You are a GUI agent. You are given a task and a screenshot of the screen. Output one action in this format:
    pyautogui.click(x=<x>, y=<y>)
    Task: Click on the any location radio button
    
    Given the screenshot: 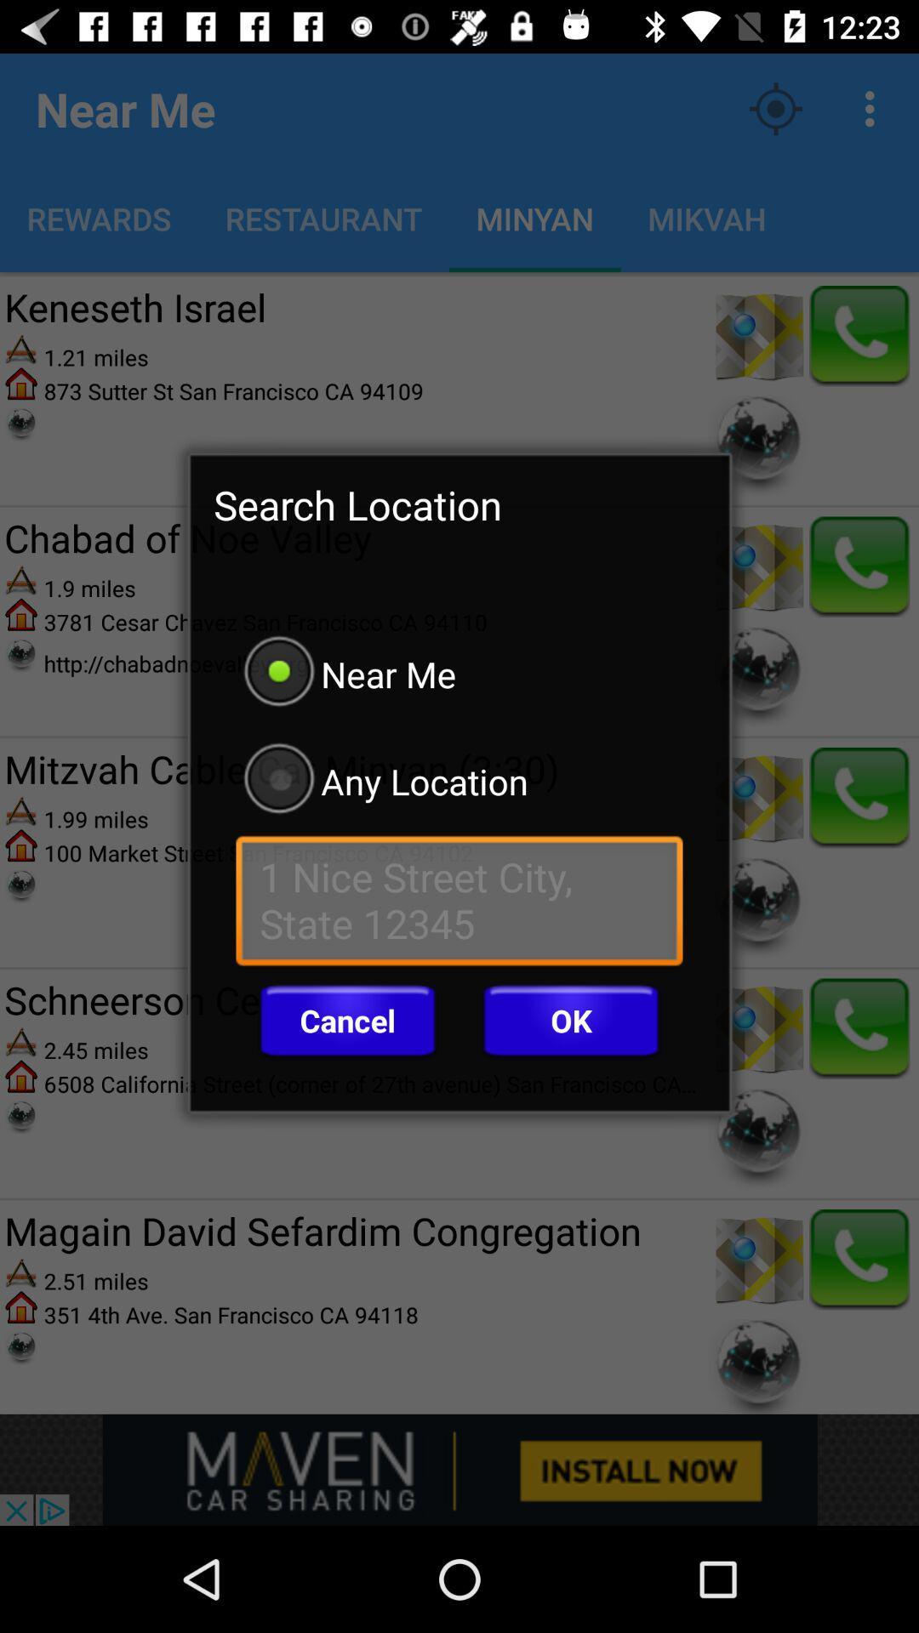 What is the action you would take?
    pyautogui.click(x=459, y=780)
    